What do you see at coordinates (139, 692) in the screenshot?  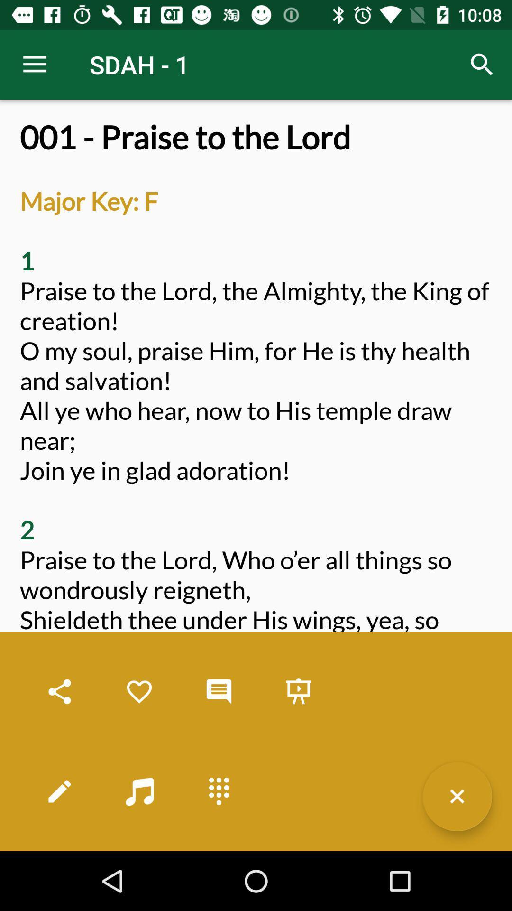 I see `heart emoji` at bounding box center [139, 692].